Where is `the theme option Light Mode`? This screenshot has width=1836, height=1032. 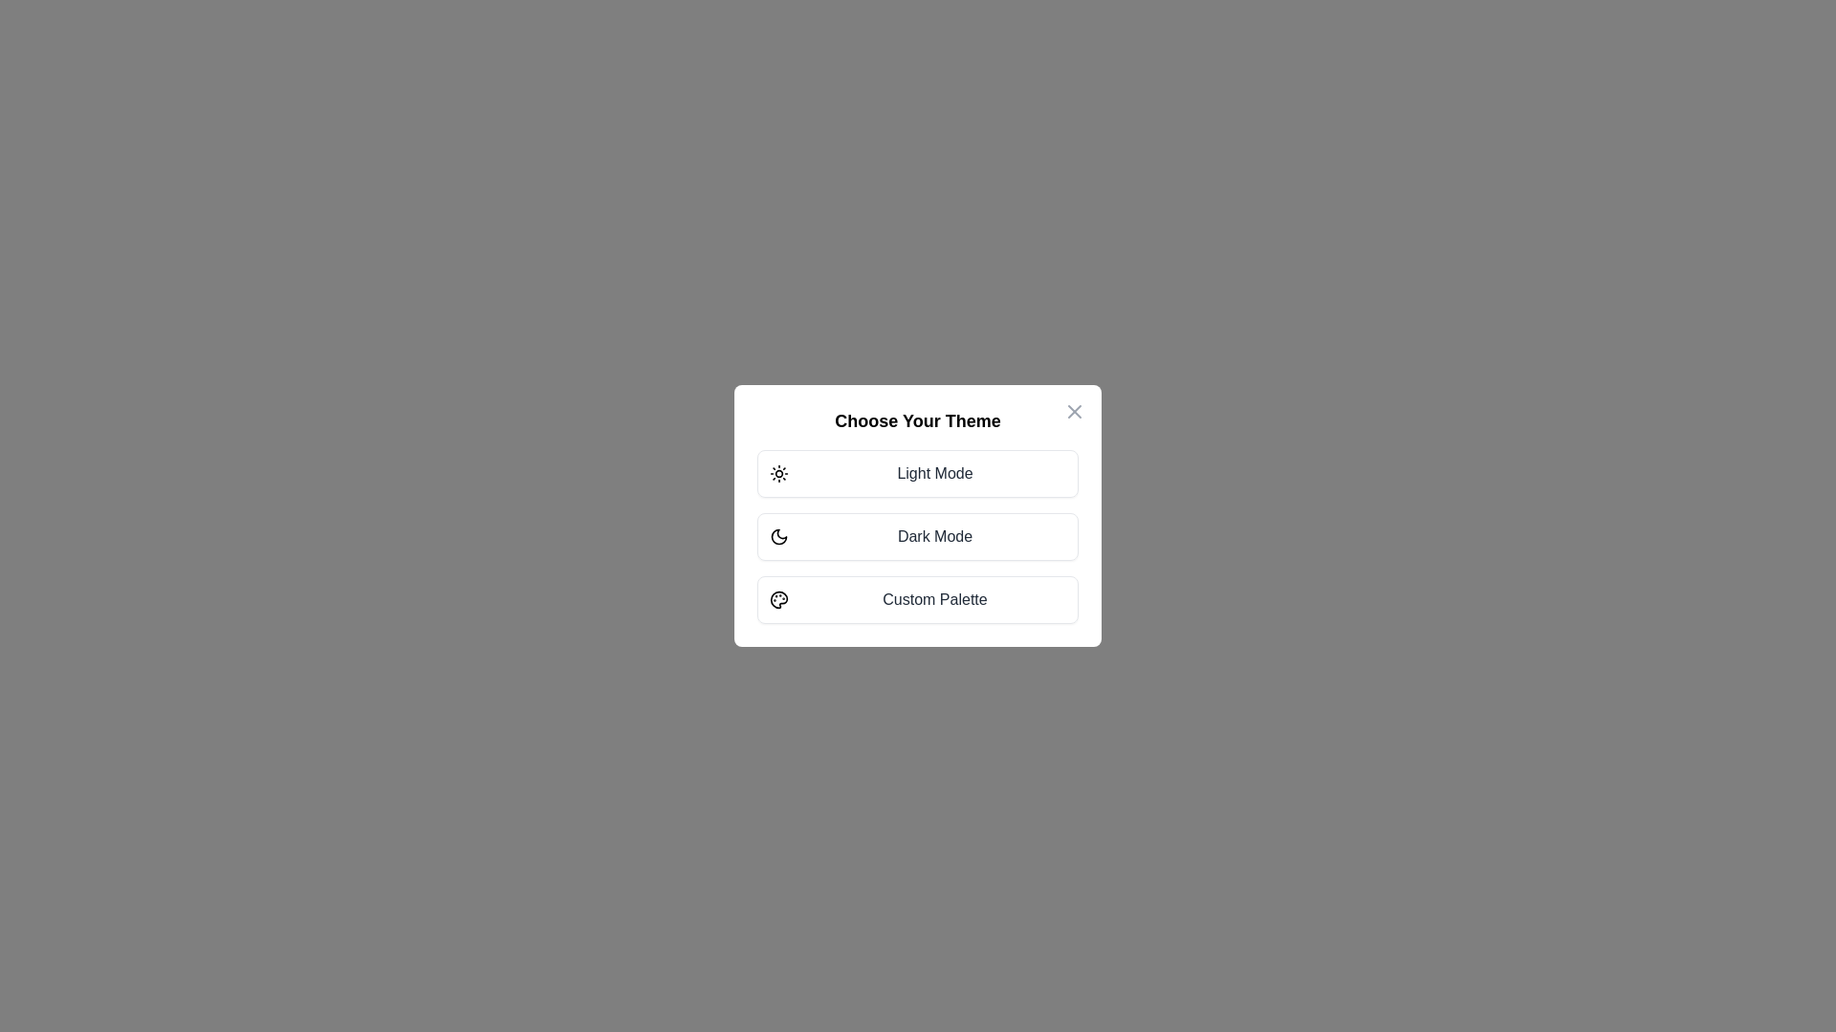 the theme option Light Mode is located at coordinates (918, 473).